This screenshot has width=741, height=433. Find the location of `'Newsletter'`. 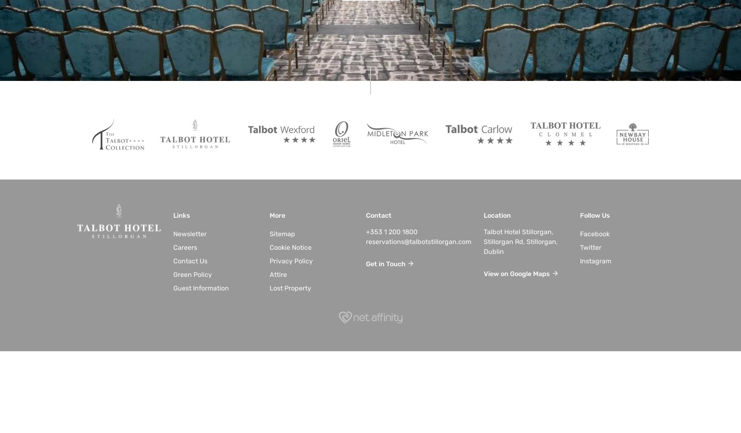

'Newsletter' is located at coordinates (189, 234).